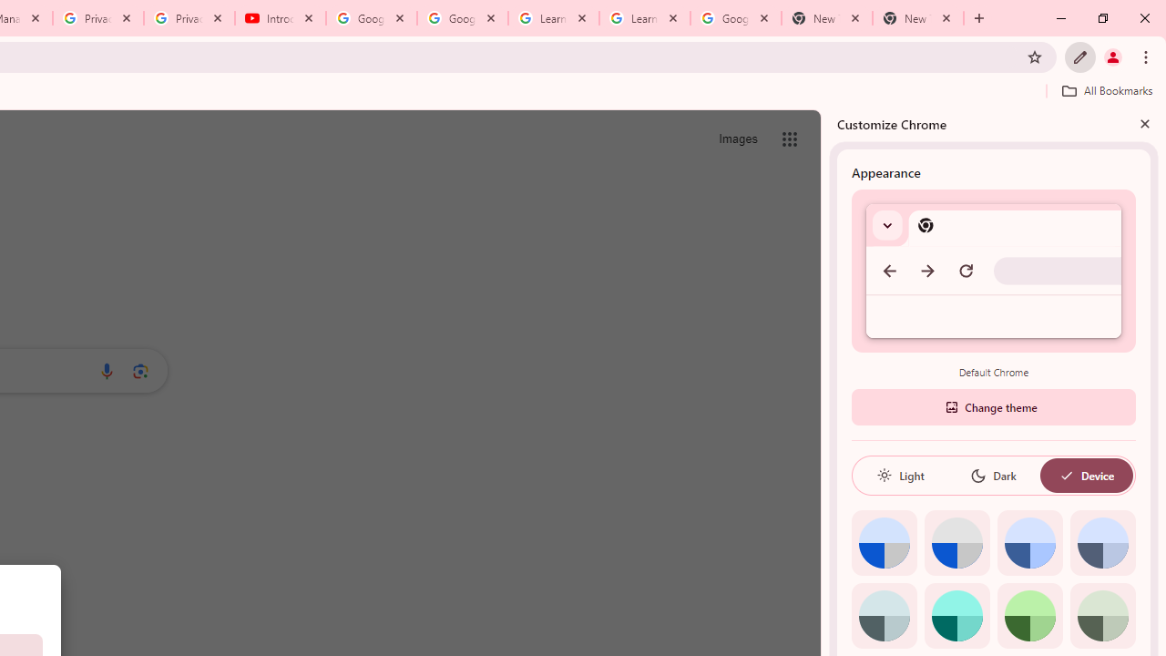 The width and height of the screenshot is (1166, 656). Describe the element at coordinates (735, 18) in the screenshot. I see `'Google Account'` at that location.